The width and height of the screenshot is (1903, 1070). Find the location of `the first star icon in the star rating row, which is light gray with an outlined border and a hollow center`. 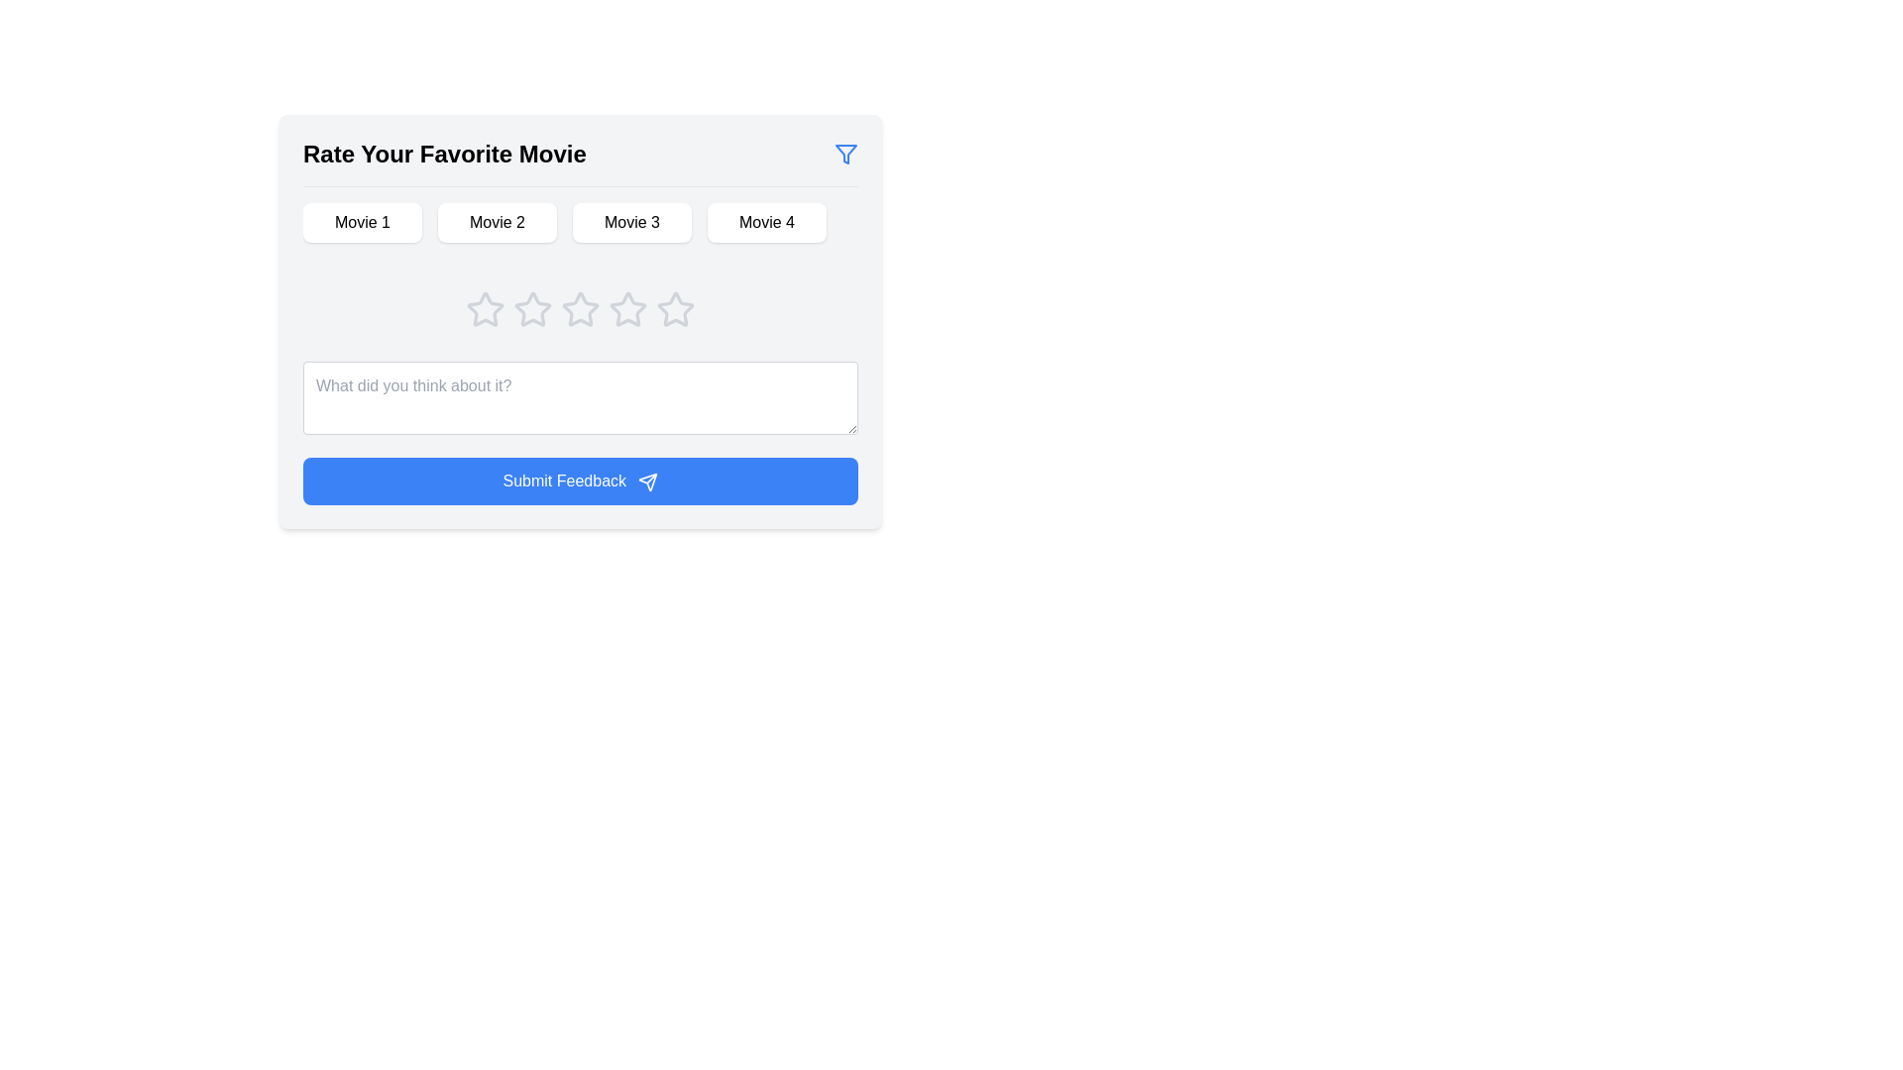

the first star icon in the star rating row, which is light gray with an outlined border and a hollow center is located at coordinates (532, 309).